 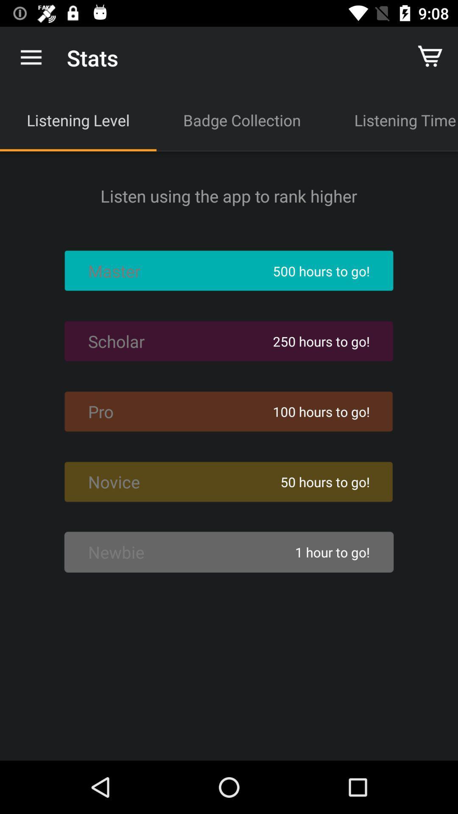 What do you see at coordinates (393, 120) in the screenshot?
I see `the icon to the right of badge collection` at bounding box center [393, 120].